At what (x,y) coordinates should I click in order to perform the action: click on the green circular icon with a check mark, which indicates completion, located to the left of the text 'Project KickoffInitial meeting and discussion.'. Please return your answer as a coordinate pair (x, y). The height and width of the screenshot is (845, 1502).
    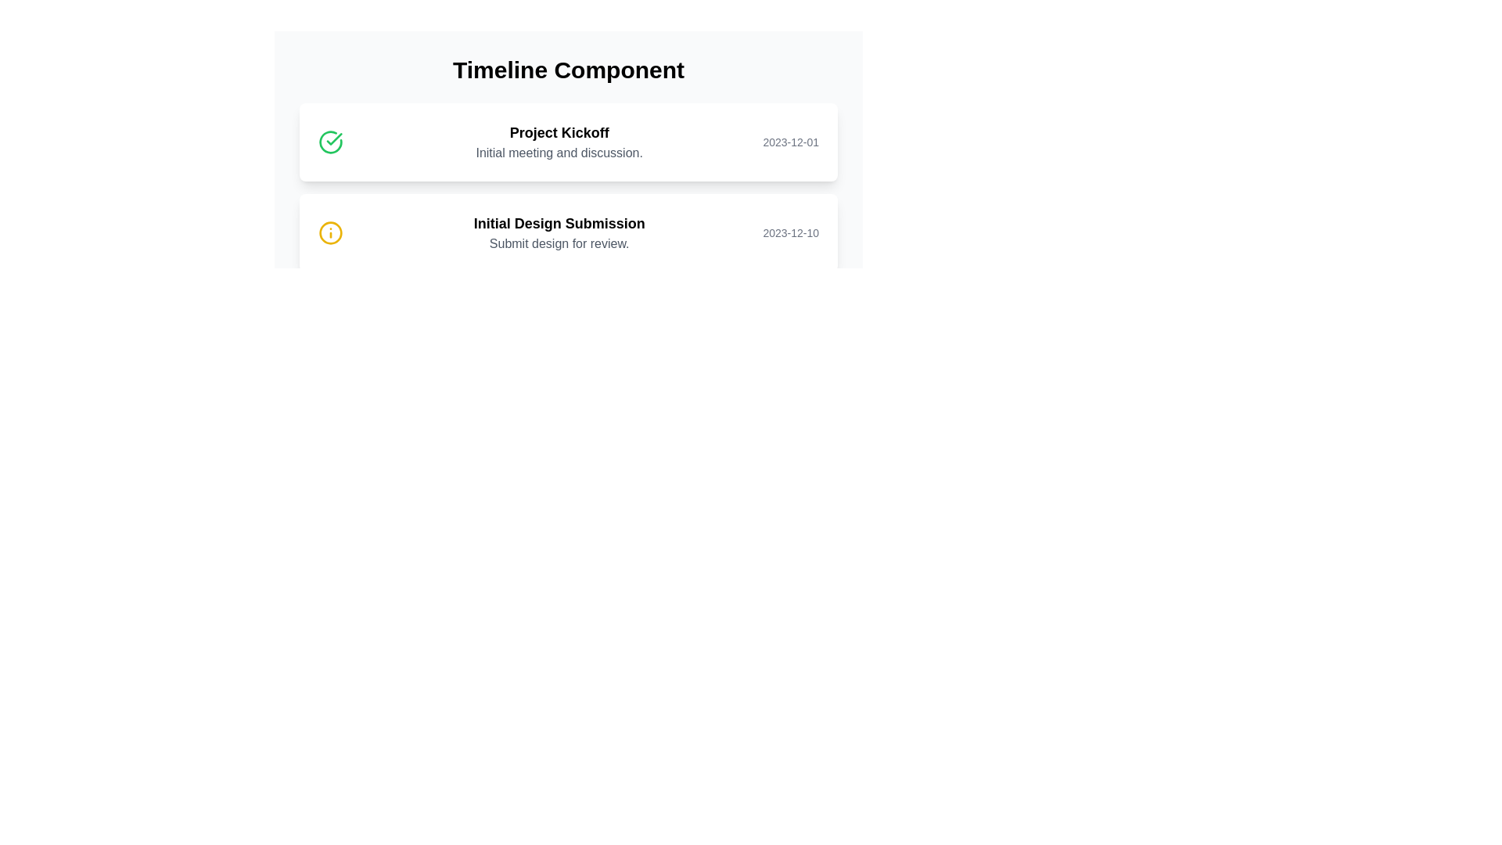
    Looking at the image, I should click on (329, 142).